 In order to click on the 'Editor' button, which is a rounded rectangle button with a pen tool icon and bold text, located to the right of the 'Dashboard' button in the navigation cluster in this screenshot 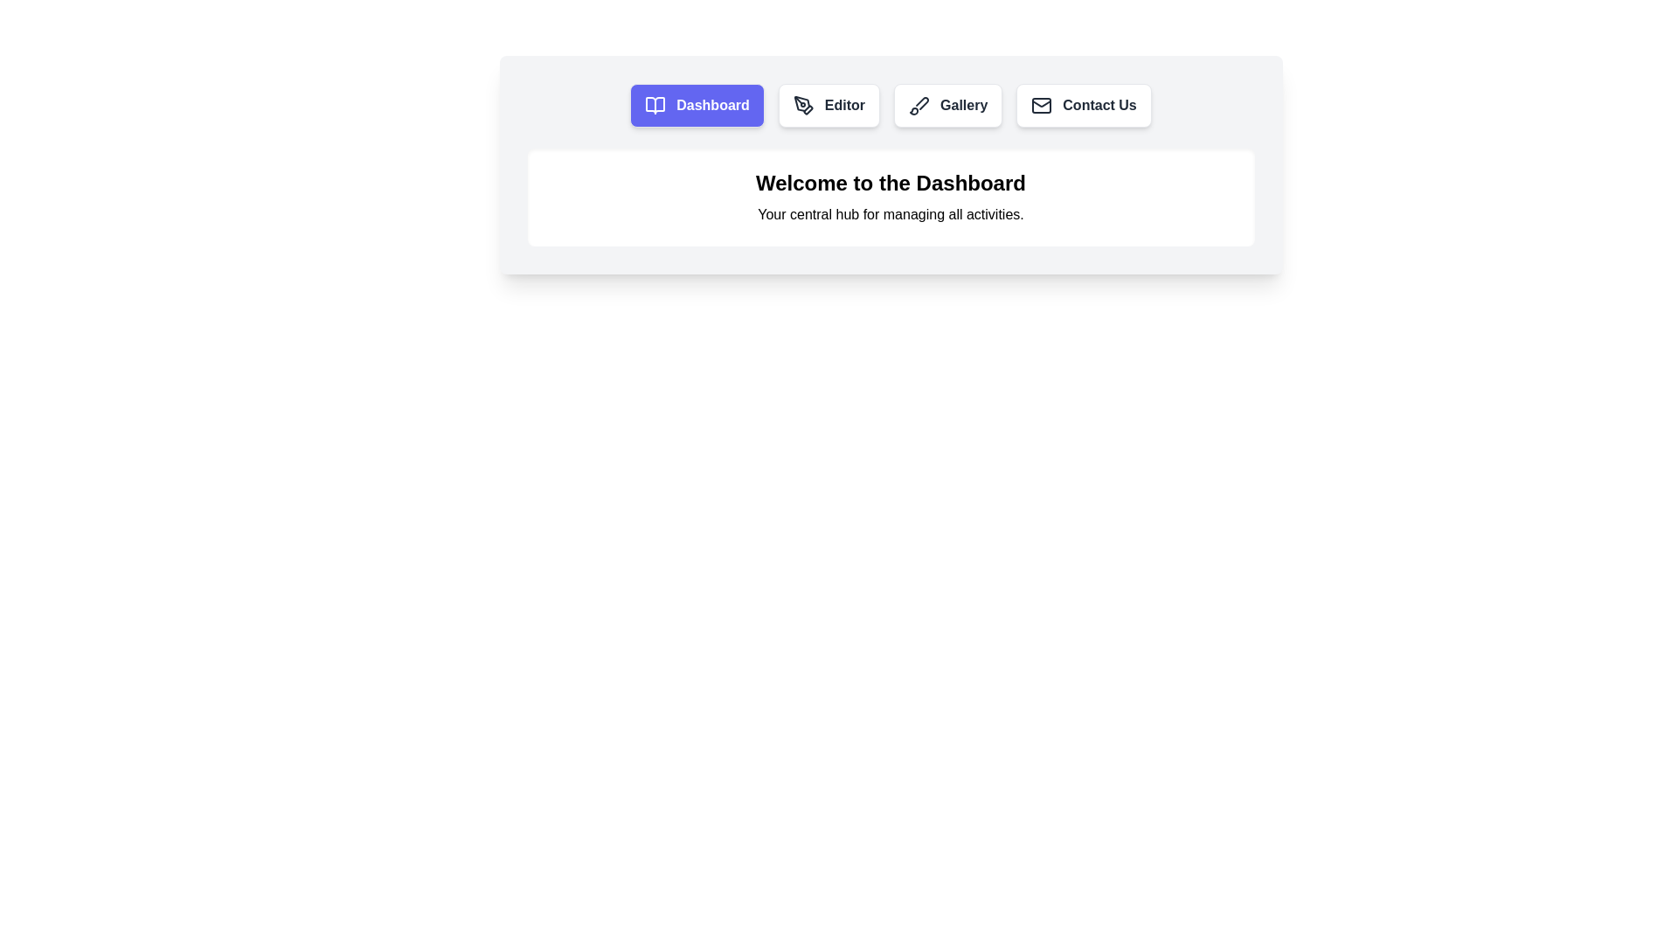, I will do `click(828, 105)`.